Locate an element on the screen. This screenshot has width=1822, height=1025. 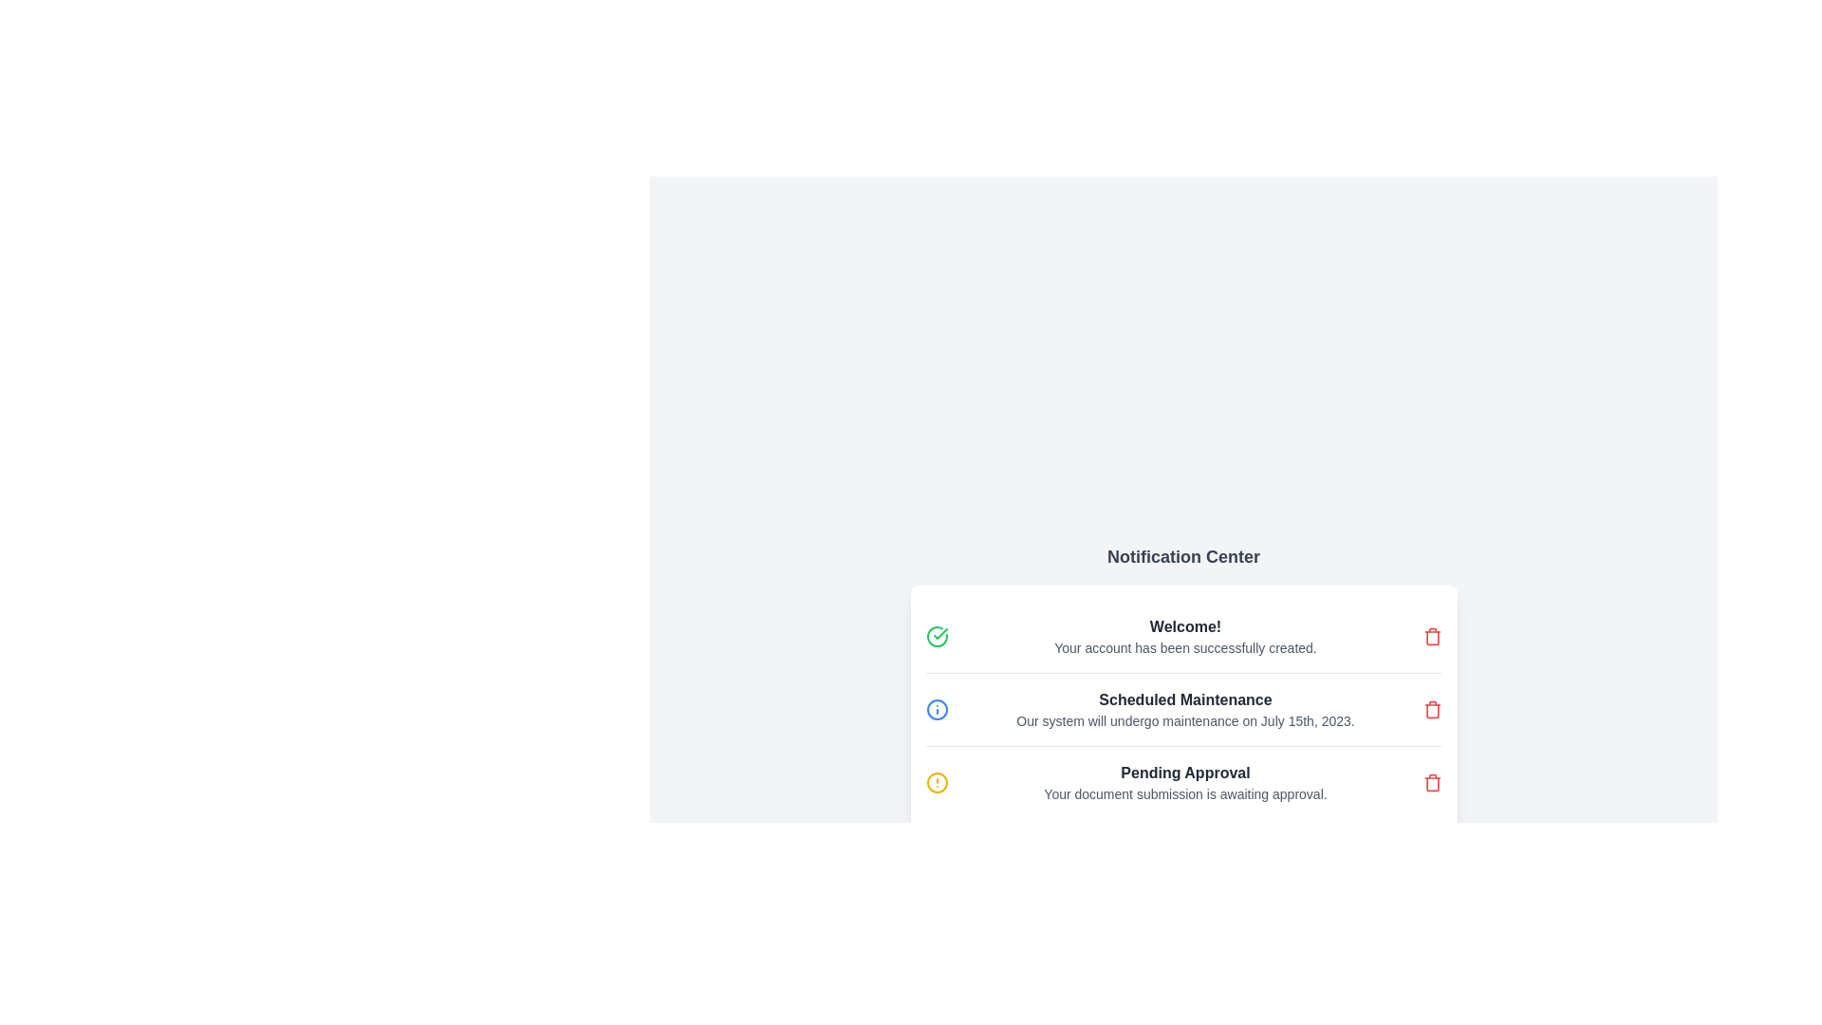
the blue circular information icon located to the left of the 'Scheduled Maintenance' notification in the middle of the Notification Center is located at coordinates (937, 710).